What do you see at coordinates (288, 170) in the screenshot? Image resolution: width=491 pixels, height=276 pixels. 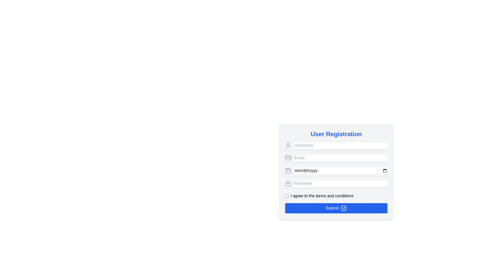 I see `the calendar SVG icon located to the left of the date input field with the placeholder 'mm/dd/yyyy' in the registration form` at bounding box center [288, 170].